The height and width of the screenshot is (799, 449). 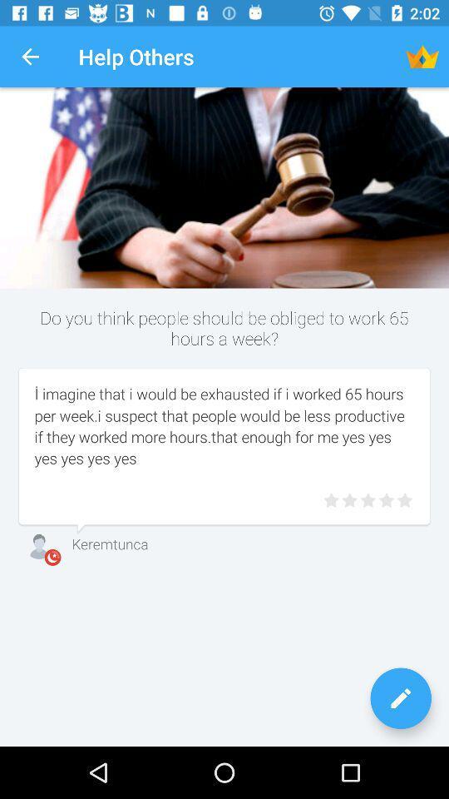 What do you see at coordinates (400, 698) in the screenshot?
I see `write comment` at bounding box center [400, 698].